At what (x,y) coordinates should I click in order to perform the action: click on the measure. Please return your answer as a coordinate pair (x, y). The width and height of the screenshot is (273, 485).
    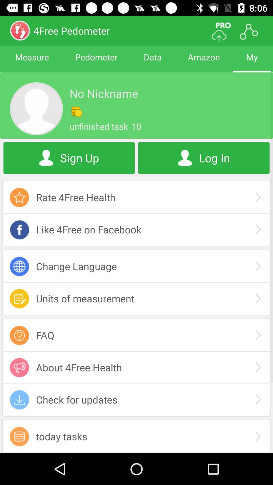
    Looking at the image, I should click on (32, 61).